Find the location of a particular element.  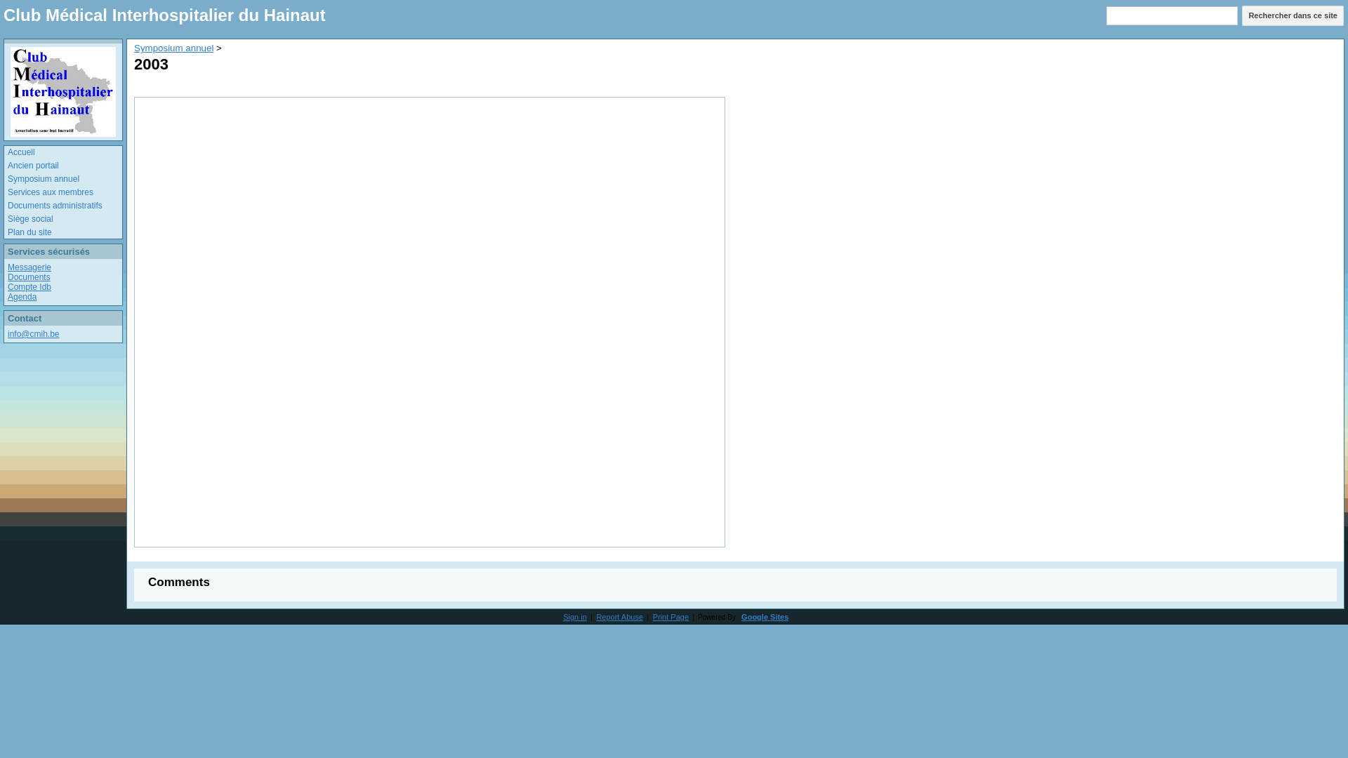

'Documents administratifs' is located at coordinates (7, 206).